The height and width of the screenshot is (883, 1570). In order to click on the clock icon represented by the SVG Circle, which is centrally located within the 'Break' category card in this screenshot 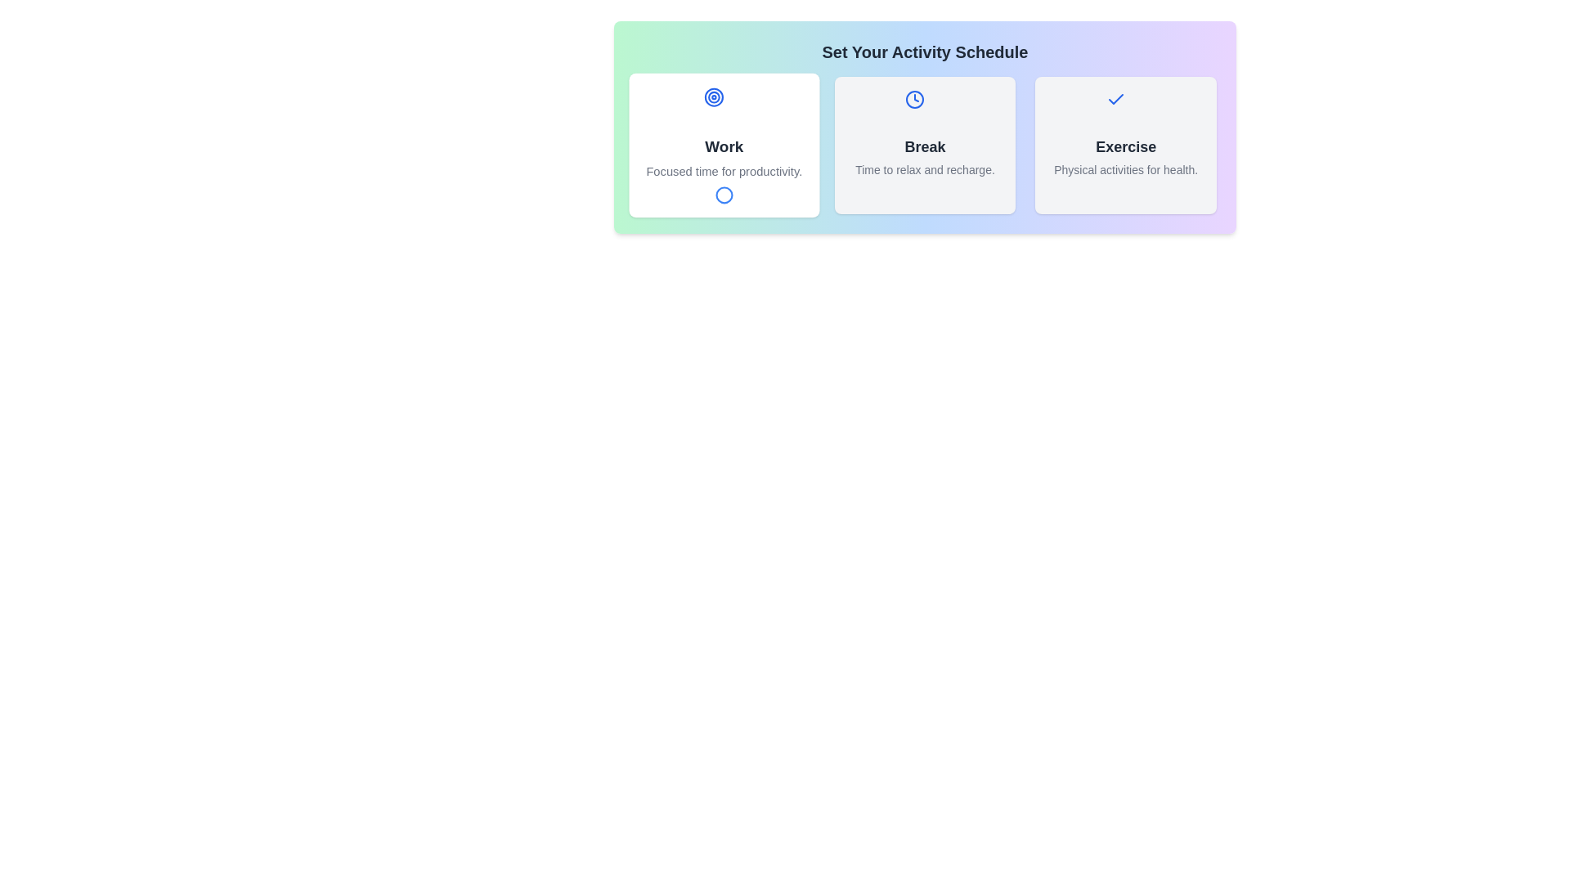, I will do `click(914, 100)`.